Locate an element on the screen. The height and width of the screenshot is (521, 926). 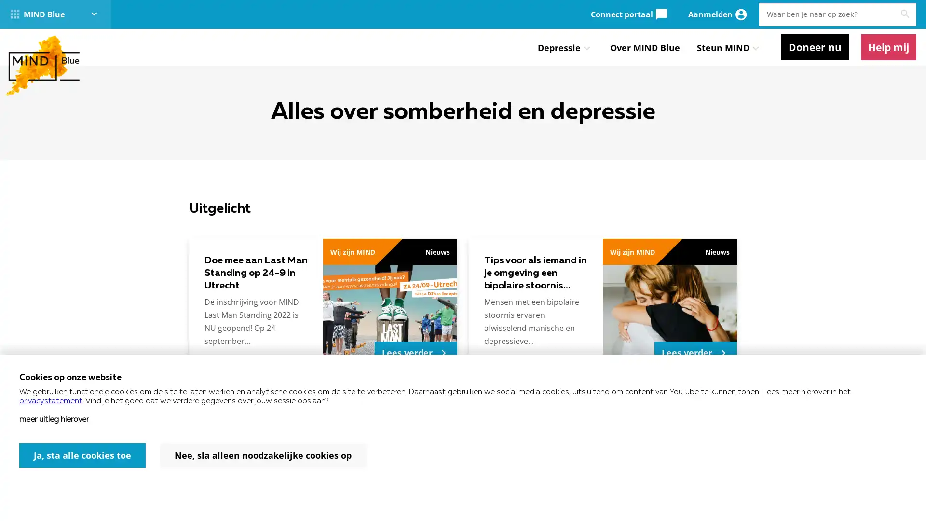
Nee, sla alleen noodzakelijke cookies op is located at coordinates (263, 455).